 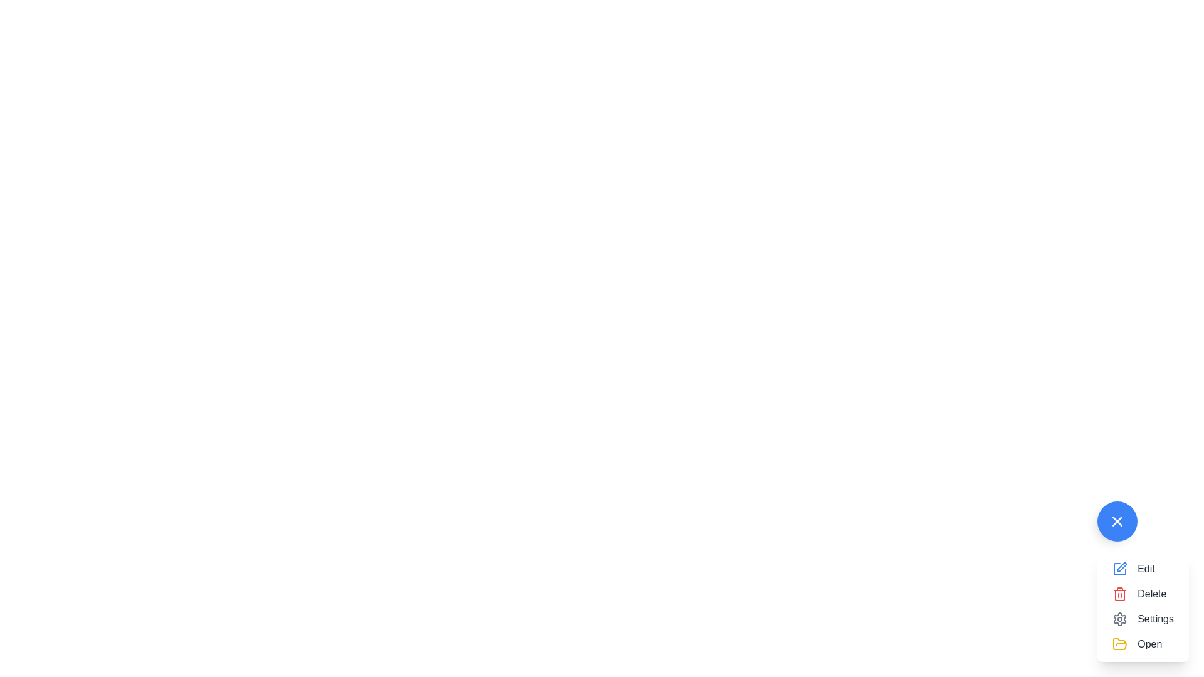 I want to click on the horizontal line segment of the '+' symbol in the SVG icon located in the bottom-right corner of the interface, so click(x=1117, y=522).